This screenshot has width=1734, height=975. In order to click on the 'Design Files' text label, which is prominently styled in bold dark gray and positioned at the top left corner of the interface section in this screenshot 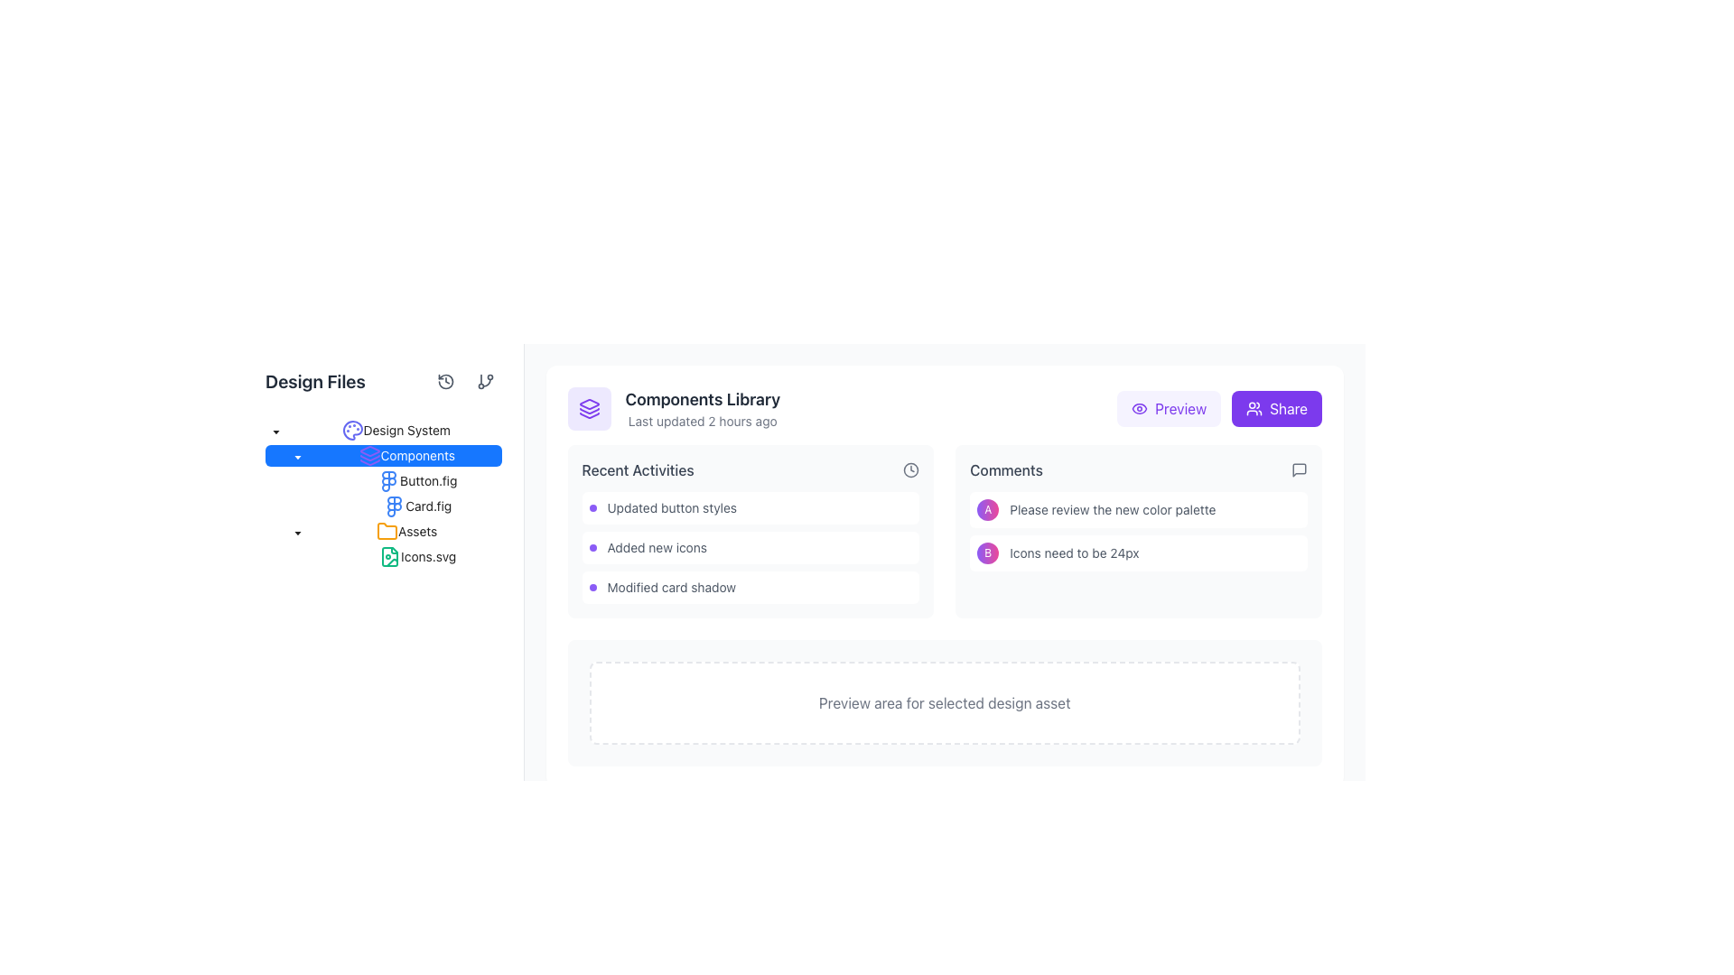, I will do `click(315, 381)`.